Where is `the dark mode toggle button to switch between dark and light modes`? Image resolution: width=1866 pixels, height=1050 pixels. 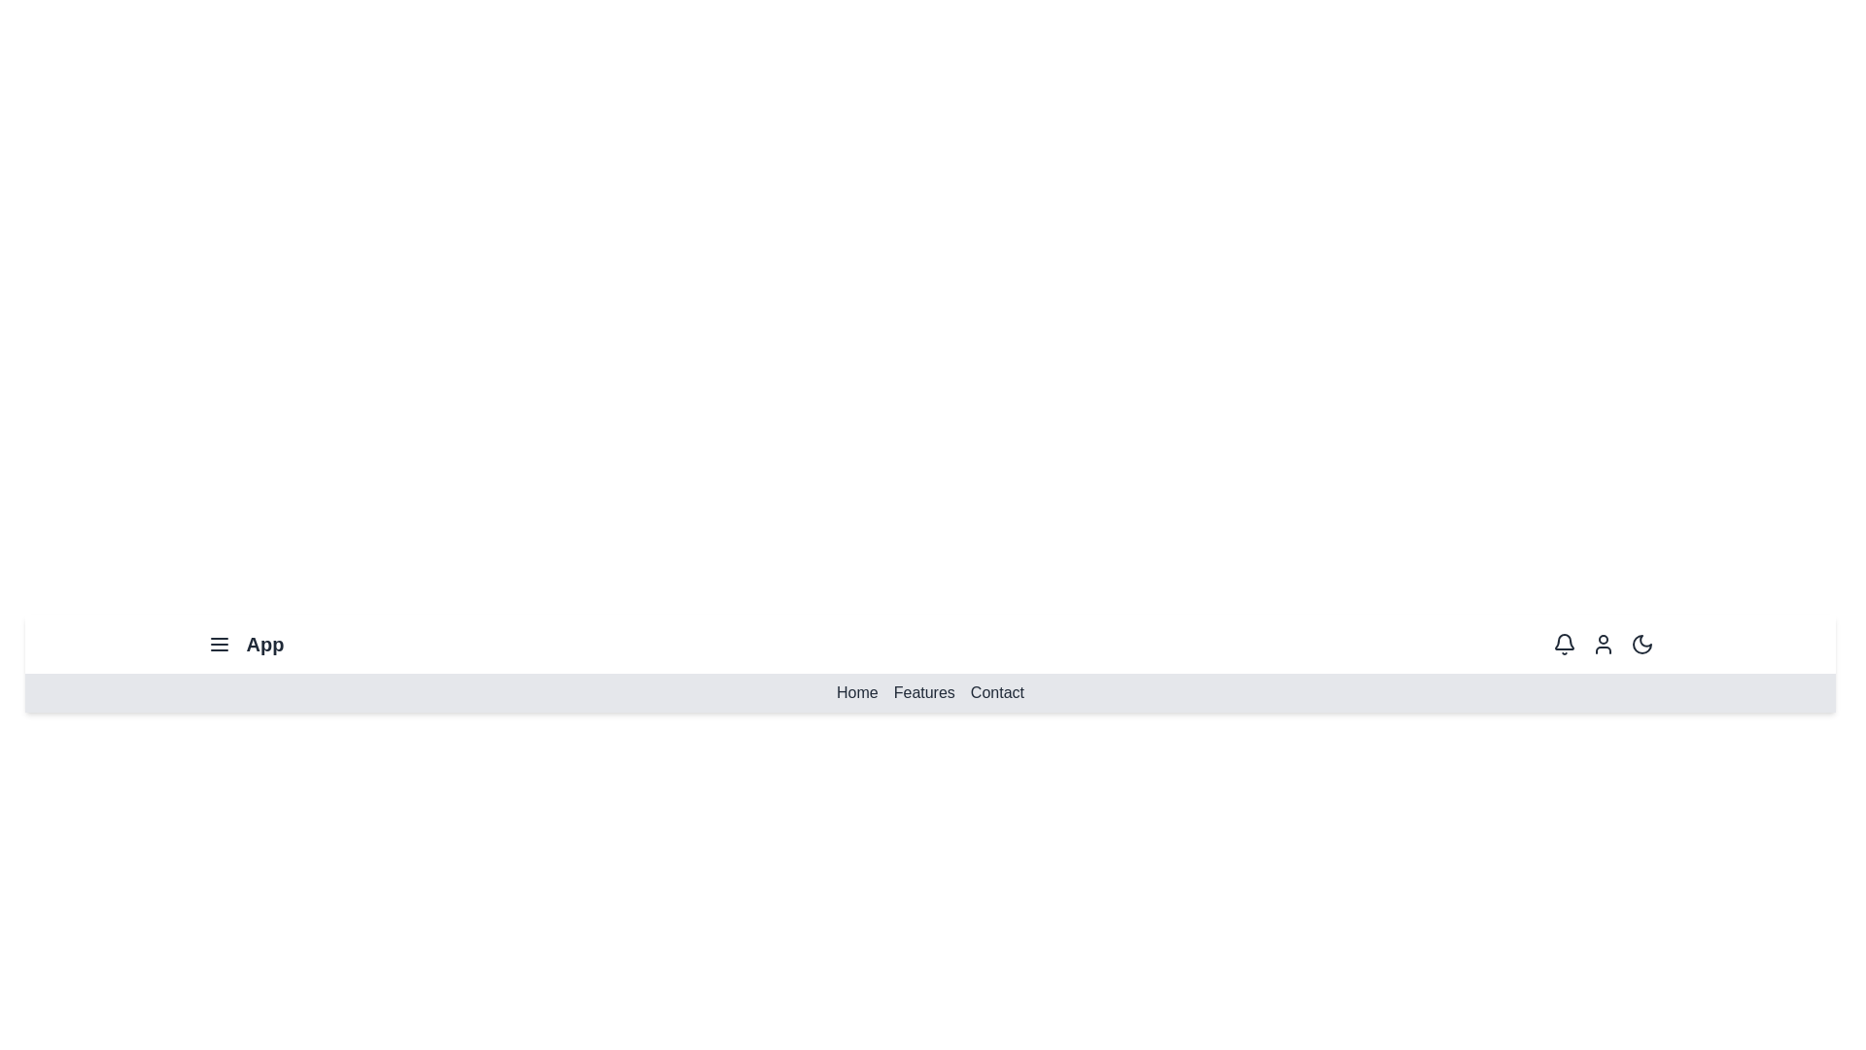 the dark mode toggle button to switch between dark and light modes is located at coordinates (1641, 645).